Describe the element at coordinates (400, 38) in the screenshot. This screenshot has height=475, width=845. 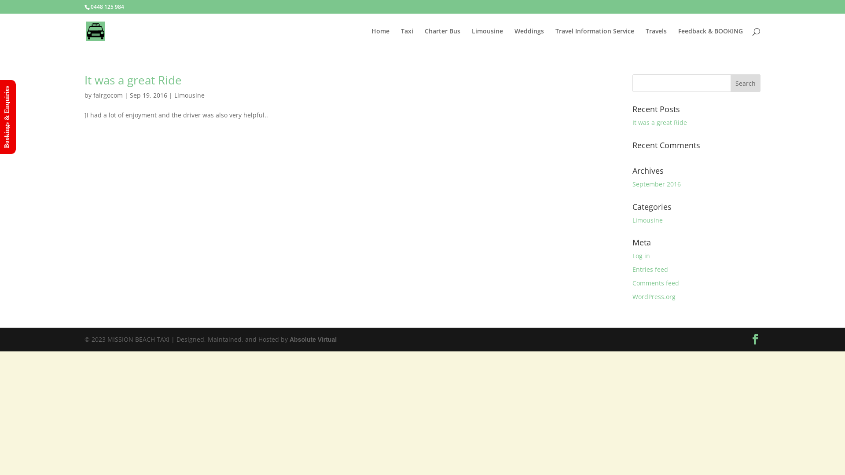
I see `'Taxi'` at that location.